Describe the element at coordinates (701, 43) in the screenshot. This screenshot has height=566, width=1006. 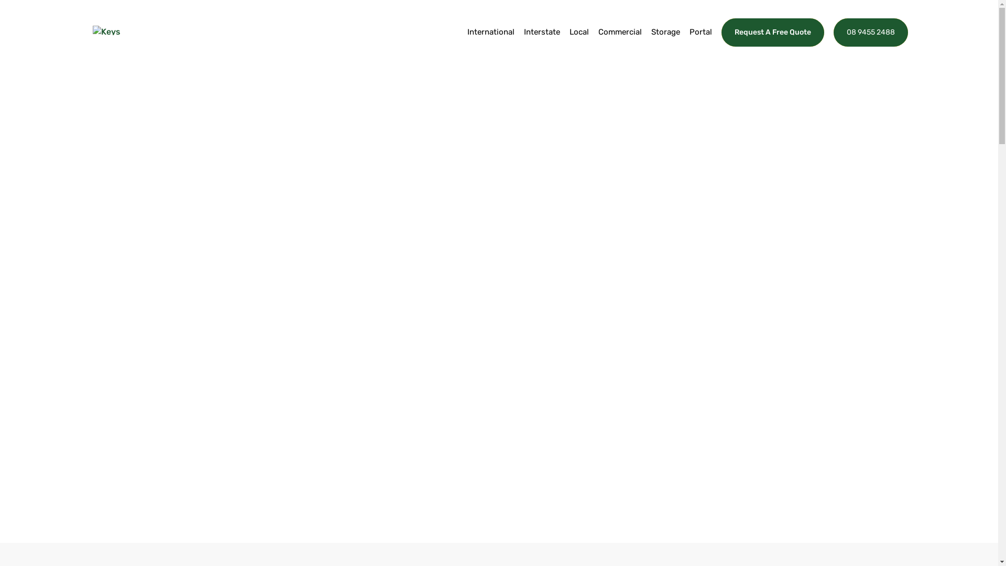
I see `'Portal'` at that location.